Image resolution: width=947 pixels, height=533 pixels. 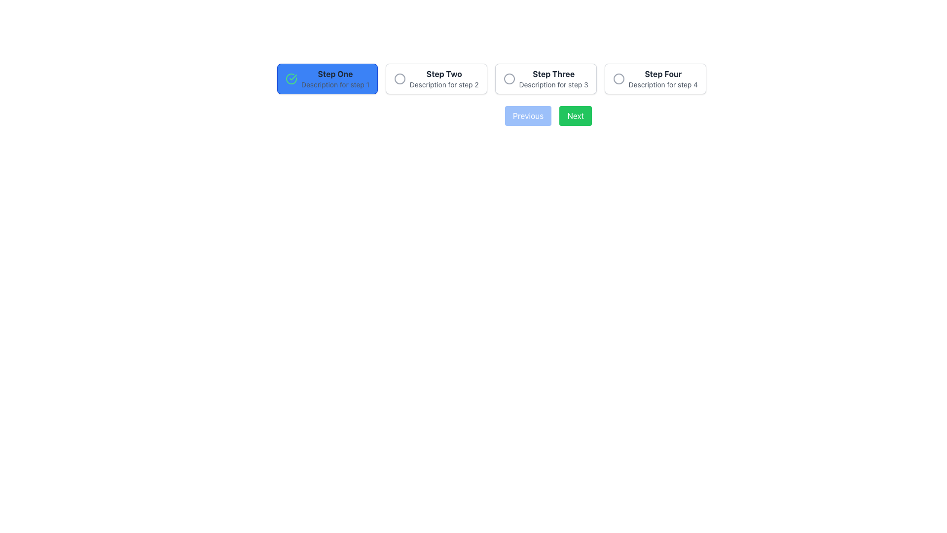 What do you see at coordinates (327, 78) in the screenshot?
I see `the first button in the horizontal step navigator` at bounding box center [327, 78].